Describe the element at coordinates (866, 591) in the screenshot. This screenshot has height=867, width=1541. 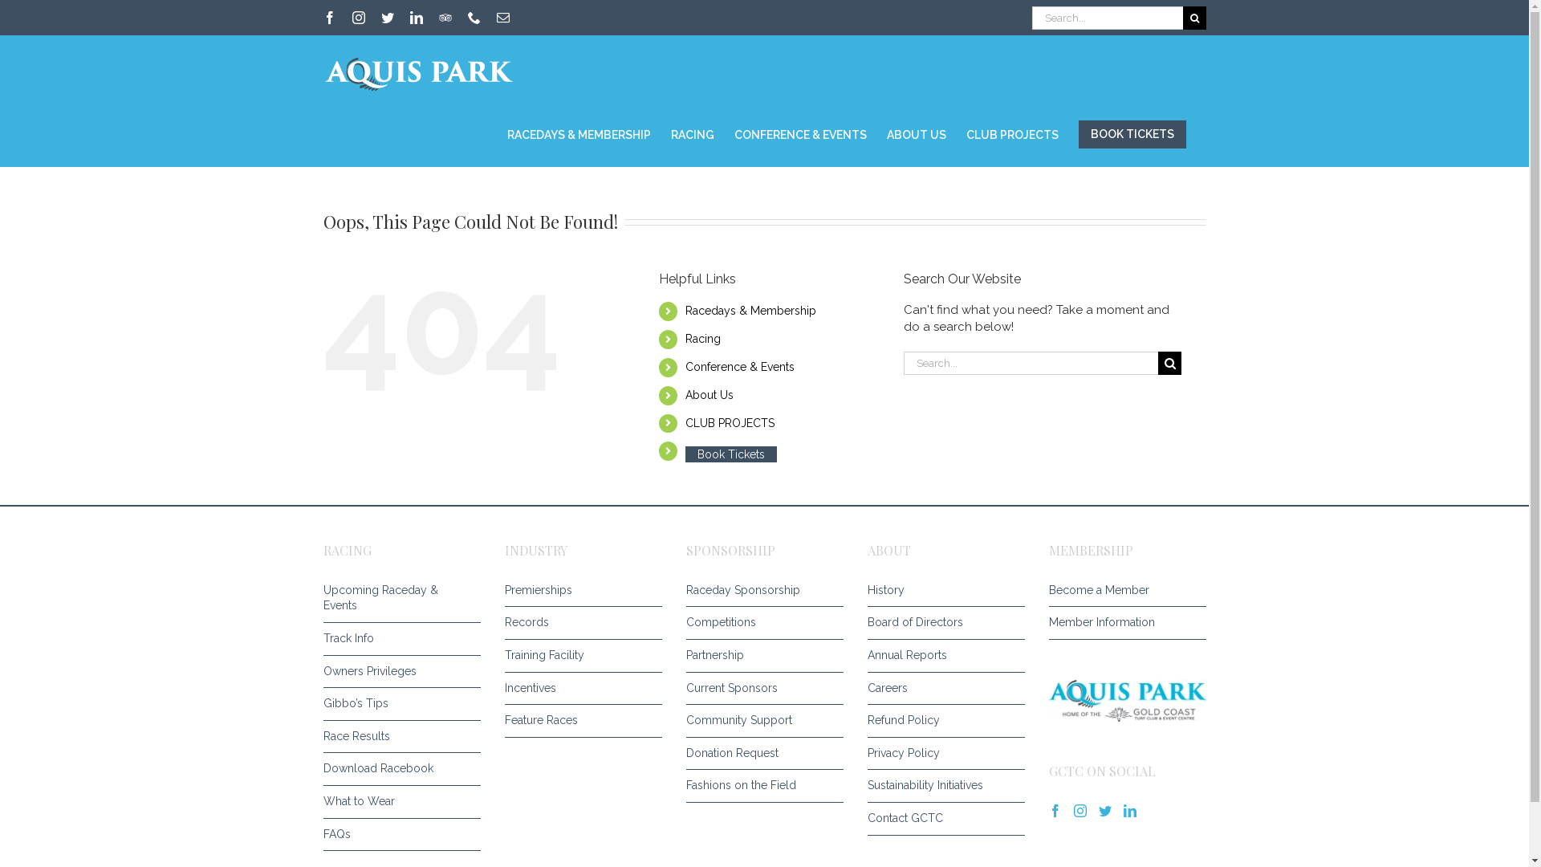
I see `'History'` at that location.